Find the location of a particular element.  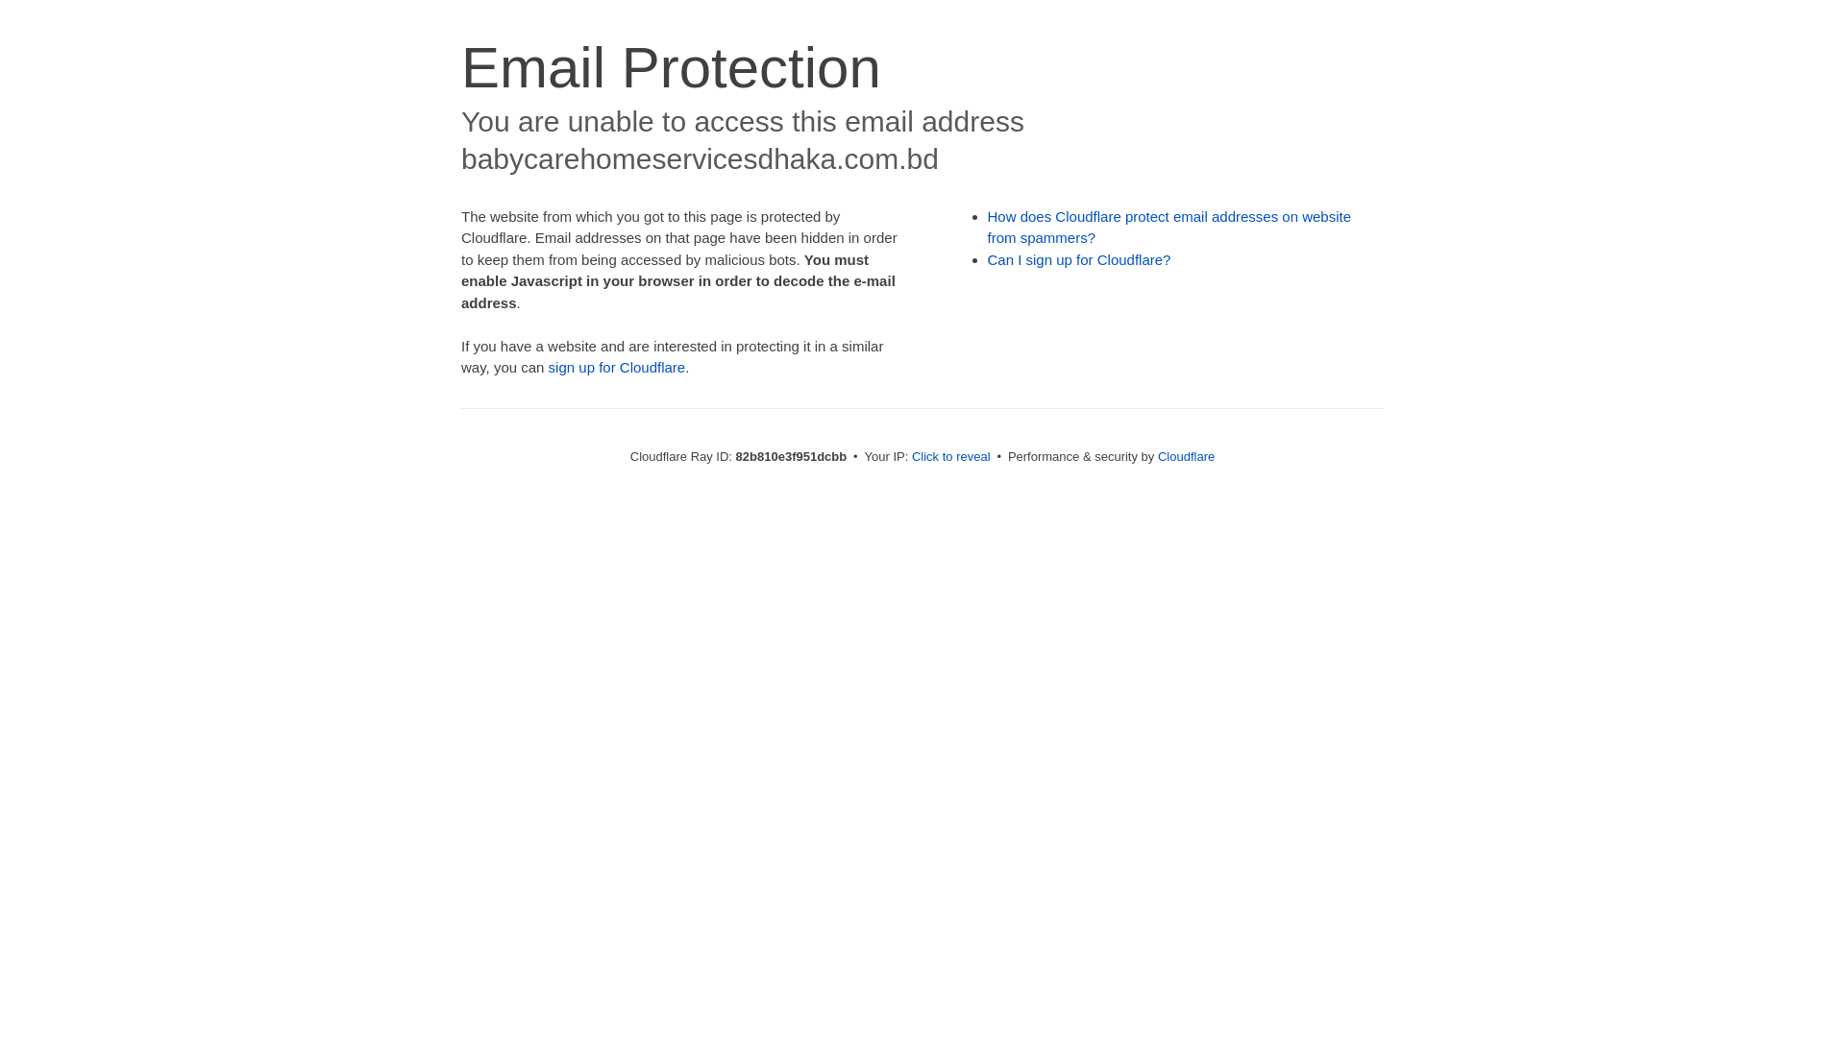

'Click to reveal' is located at coordinates (911, 456).